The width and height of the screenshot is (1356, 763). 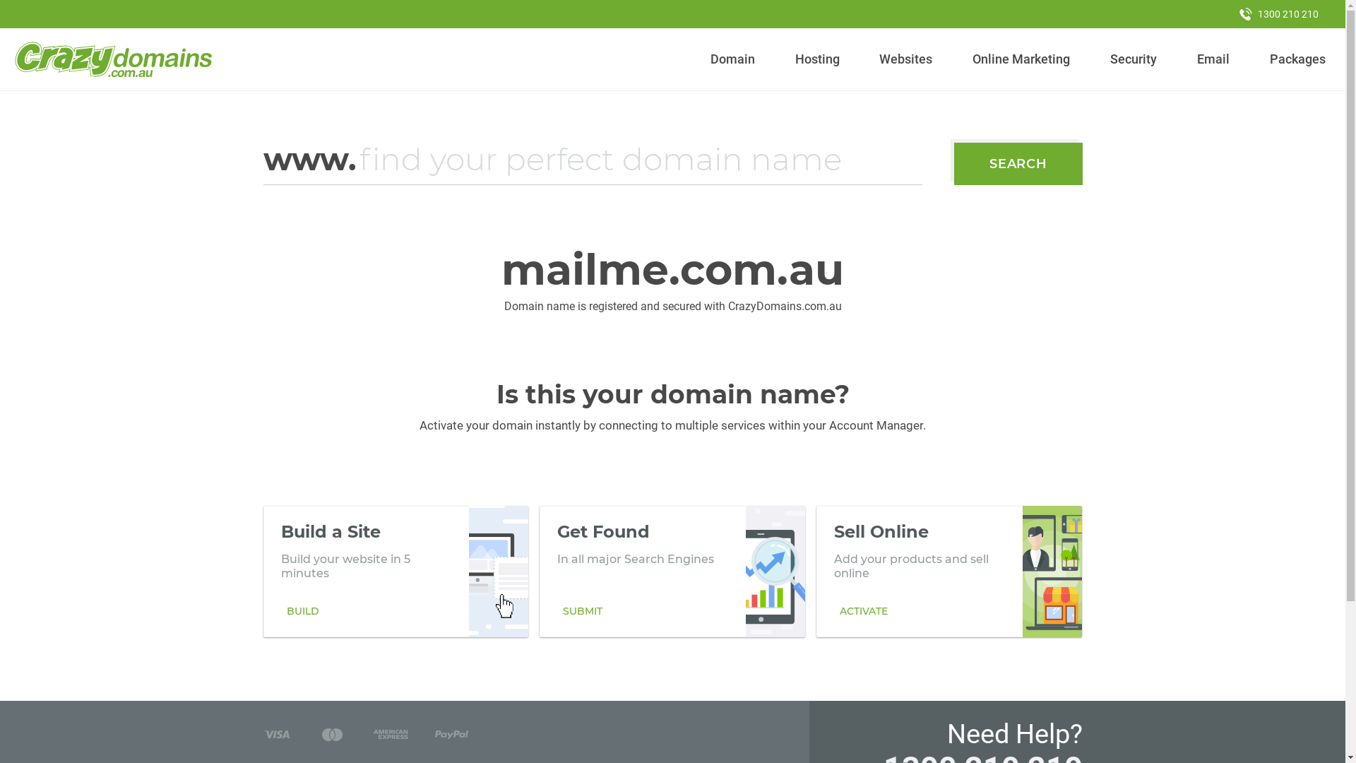 What do you see at coordinates (1212, 59) in the screenshot?
I see `'Email'` at bounding box center [1212, 59].